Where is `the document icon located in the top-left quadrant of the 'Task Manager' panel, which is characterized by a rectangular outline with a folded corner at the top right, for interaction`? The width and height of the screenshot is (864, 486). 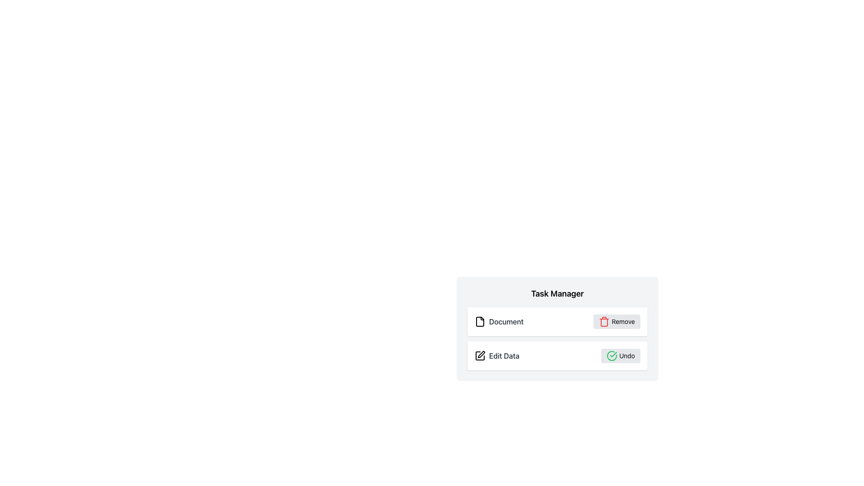 the document icon located in the top-left quadrant of the 'Task Manager' panel, which is characterized by a rectangular outline with a folded corner at the top right, for interaction is located at coordinates (479, 321).